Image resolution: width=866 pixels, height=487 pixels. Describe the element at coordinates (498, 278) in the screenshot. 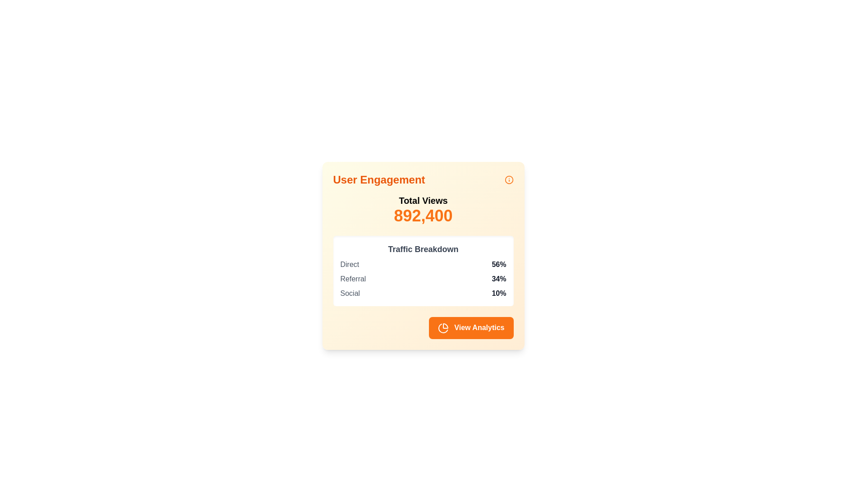

I see `the text label displaying '34%' in bold, dark gray font, located in the right column of the 'Traffic Breakdown' section` at that location.